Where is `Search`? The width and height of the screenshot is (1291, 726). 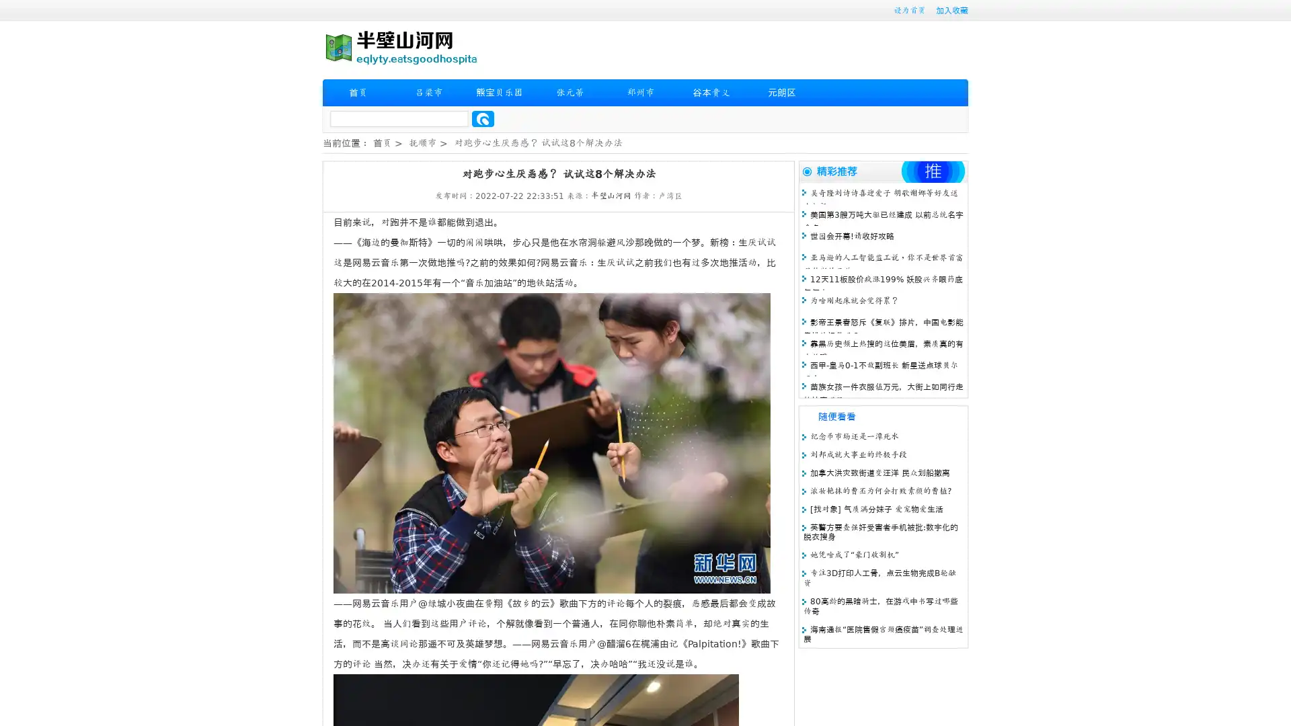 Search is located at coordinates (483, 118).